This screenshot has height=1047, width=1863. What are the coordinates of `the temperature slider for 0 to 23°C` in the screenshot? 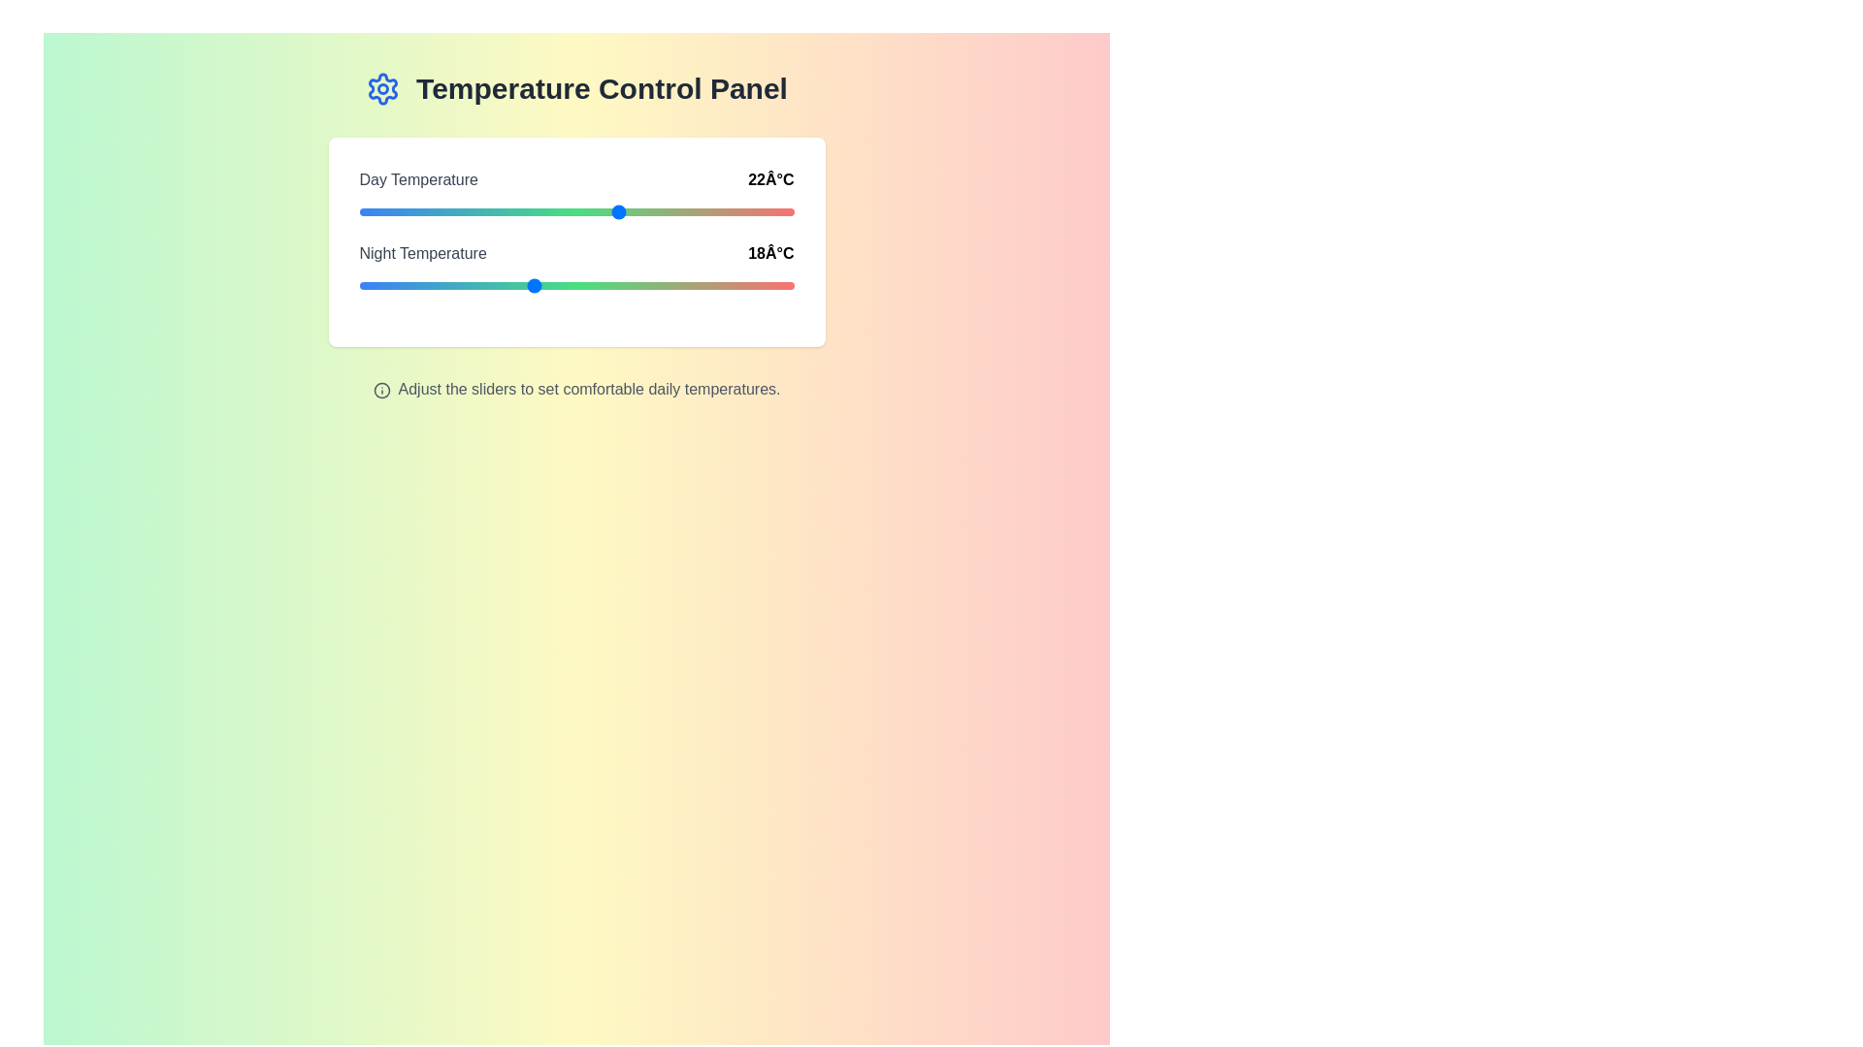 It's located at (641, 212).